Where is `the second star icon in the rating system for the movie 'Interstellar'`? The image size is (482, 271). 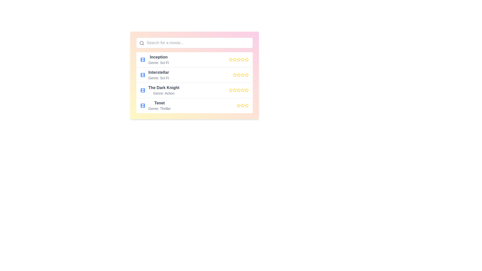 the second star icon in the rating system for the movie 'Interstellar' is located at coordinates (234, 75).